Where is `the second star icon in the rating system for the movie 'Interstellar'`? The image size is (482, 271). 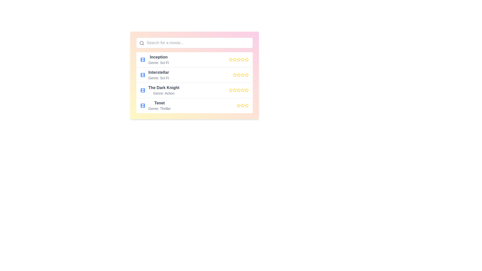 the second star icon in the rating system for the movie 'Interstellar' is located at coordinates (234, 75).